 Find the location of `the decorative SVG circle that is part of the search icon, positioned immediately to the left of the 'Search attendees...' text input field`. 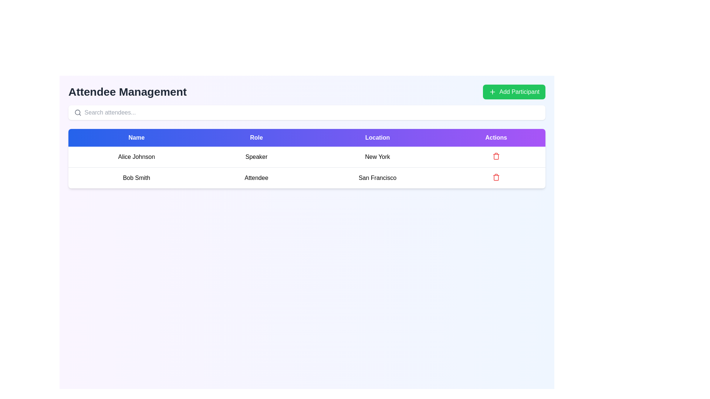

the decorative SVG circle that is part of the search icon, positioned immediately to the left of the 'Search attendees...' text input field is located at coordinates (78, 112).